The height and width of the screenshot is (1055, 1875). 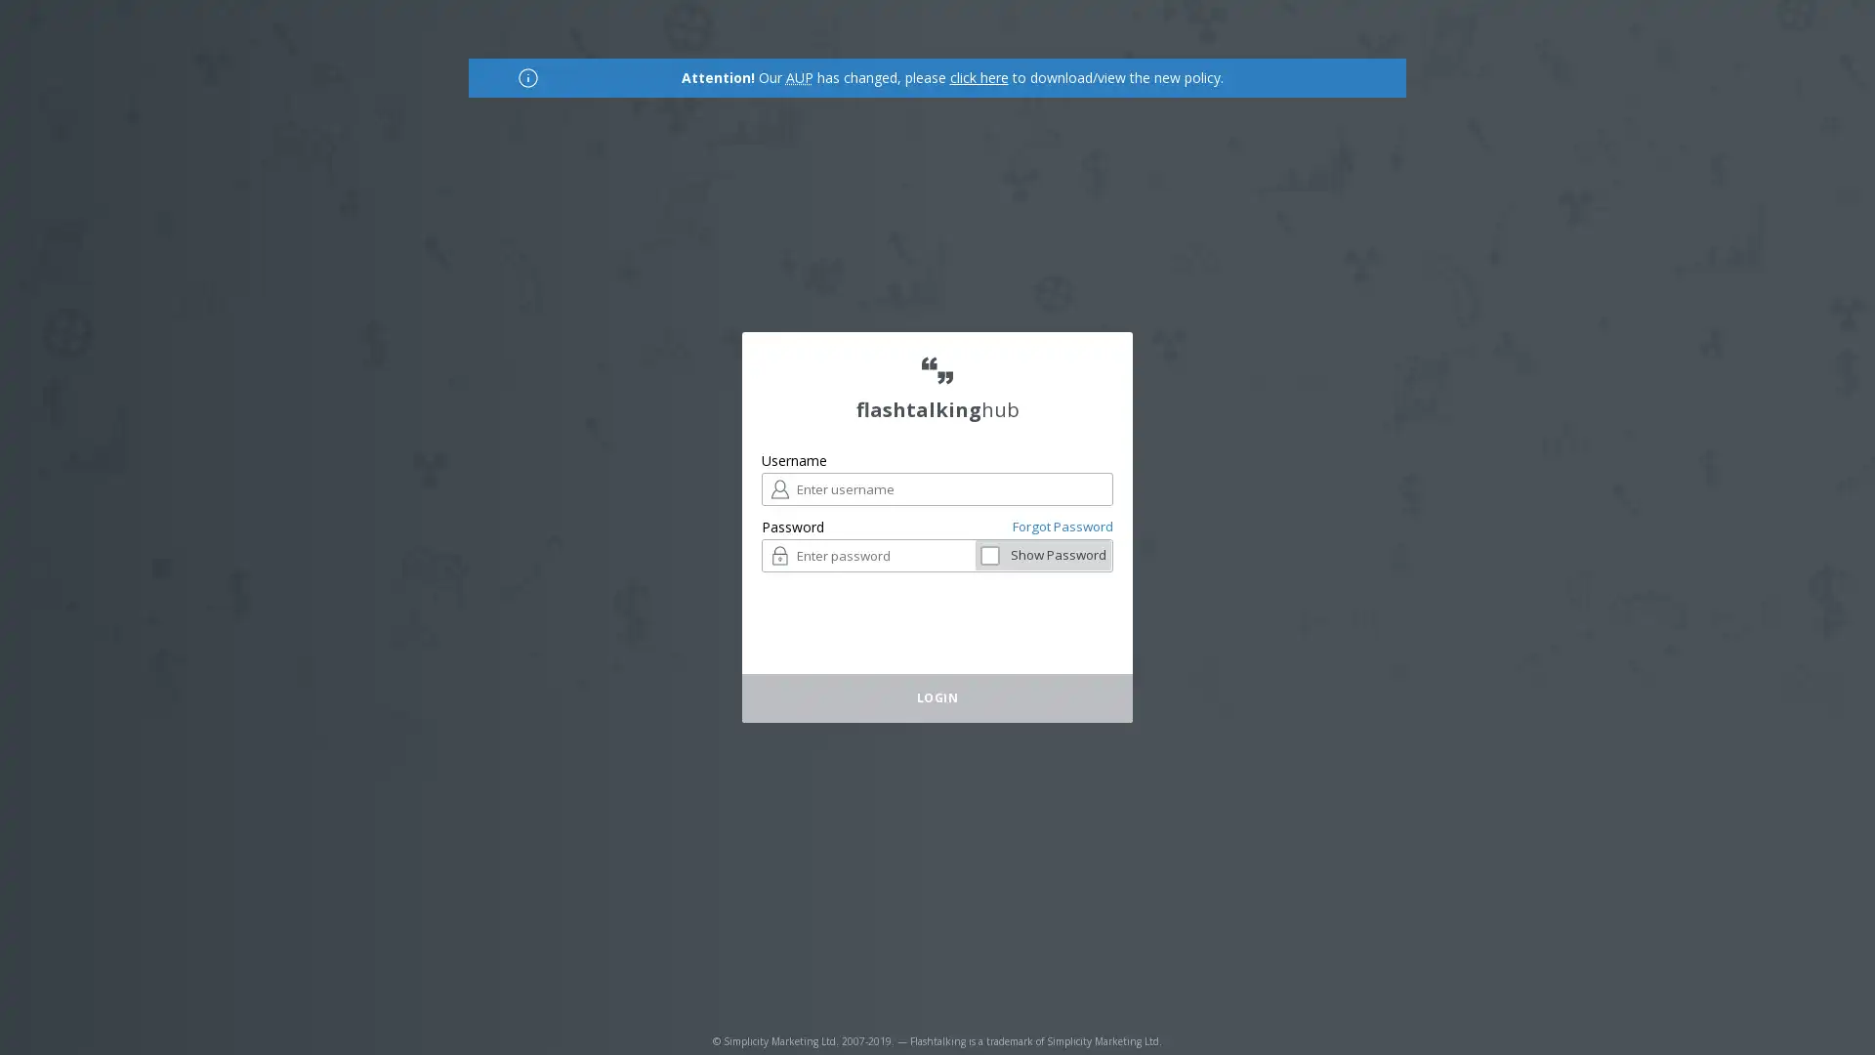 What do you see at coordinates (937, 696) in the screenshot?
I see `LOGIN` at bounding box center [937, 696].